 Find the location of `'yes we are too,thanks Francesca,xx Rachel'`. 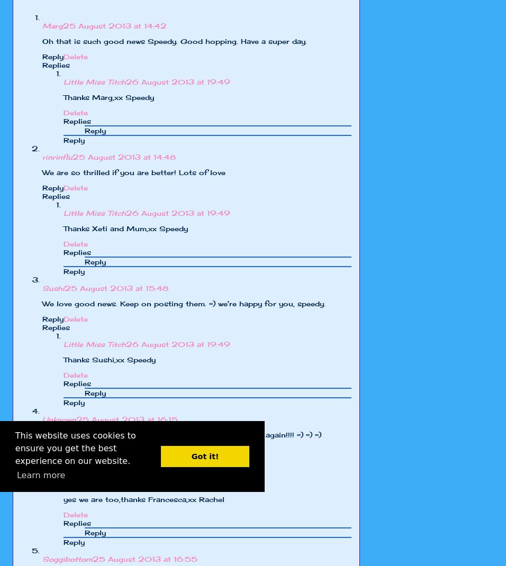

'yes we are too,thanks Francesca,xx Rachel' is located at coordinates (143, 498).